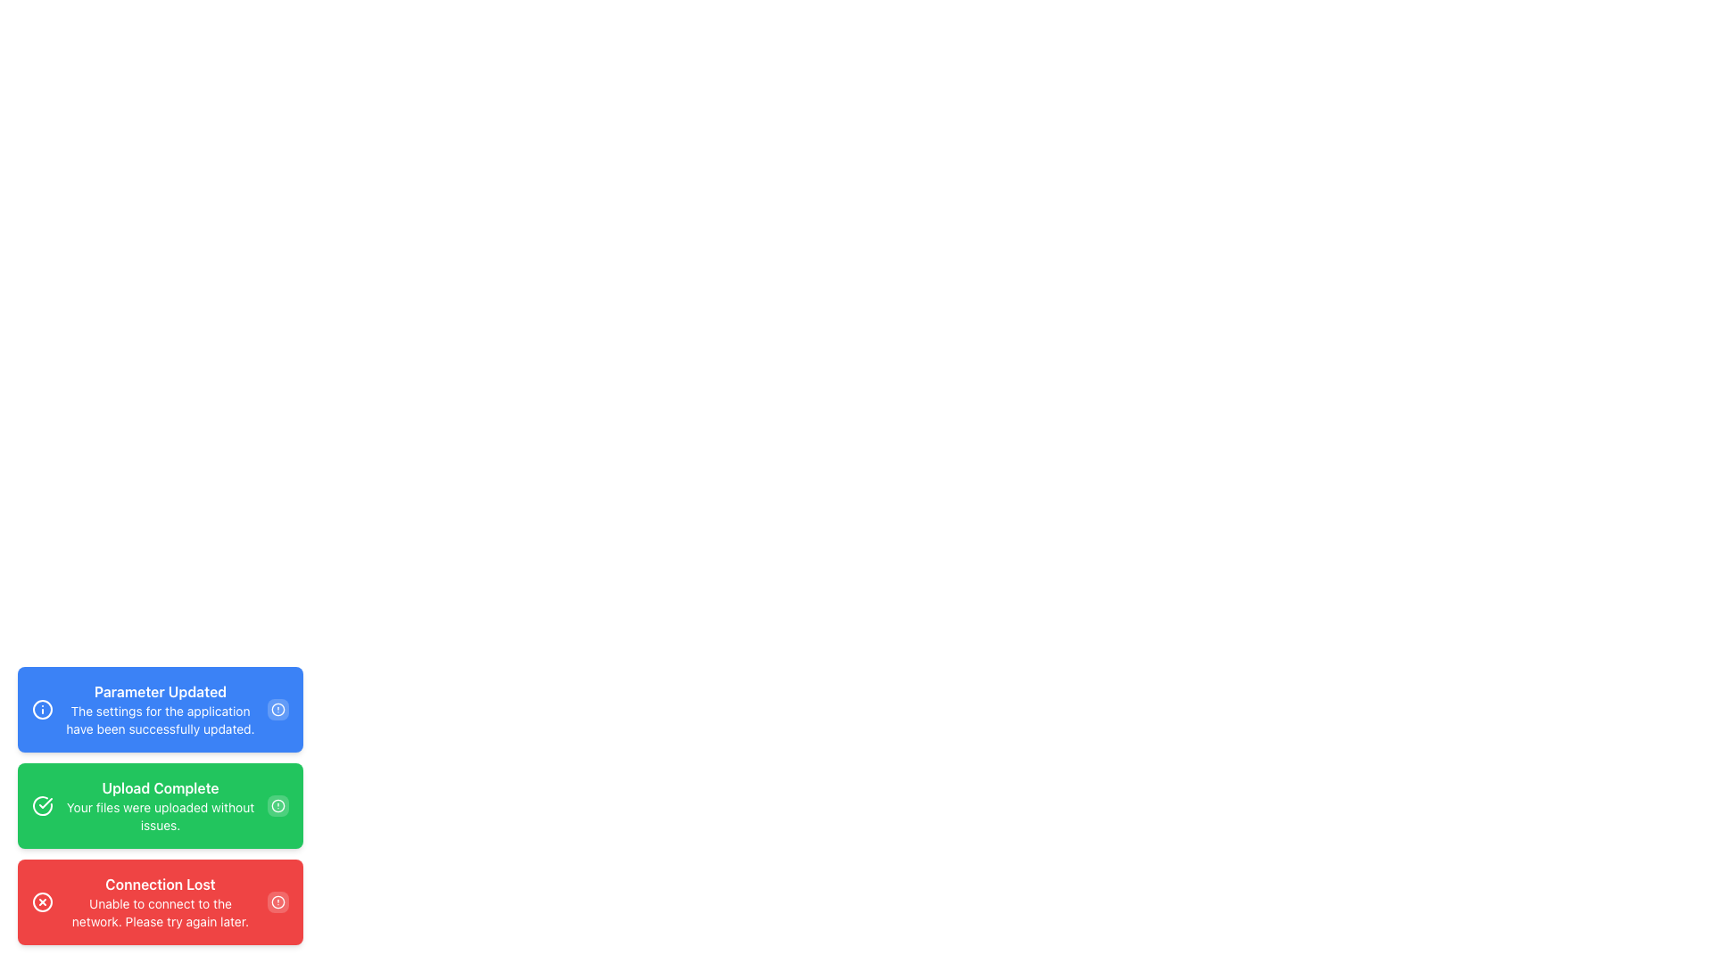 The height and width of the screenshot is (963, 1713). Describe the element at coordinates (277, 708) in the screenshot. I see `the circular button with a white border and alert icon, located at the top-right corner of the 'Parameter Updated' notification card` at that location.